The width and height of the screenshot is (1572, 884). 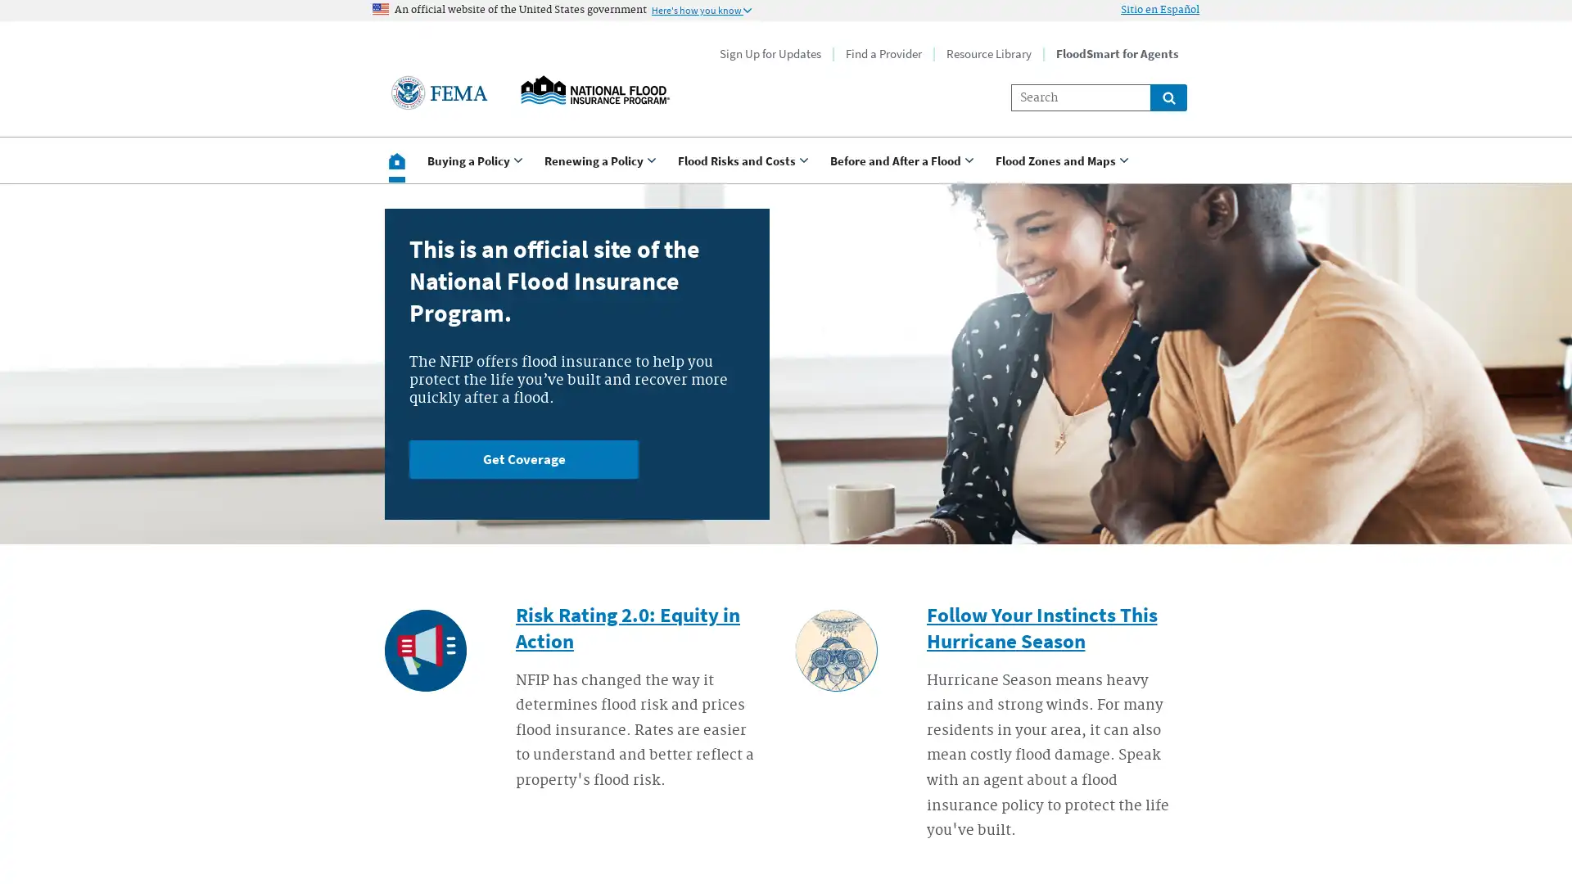 I want to click on Use <enter> and shift + <enter> to open and close the drop down to sub-menus, so click(x=602, y=160).